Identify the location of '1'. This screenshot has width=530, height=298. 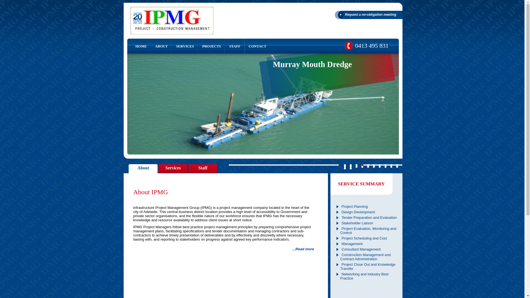
(344, 164).